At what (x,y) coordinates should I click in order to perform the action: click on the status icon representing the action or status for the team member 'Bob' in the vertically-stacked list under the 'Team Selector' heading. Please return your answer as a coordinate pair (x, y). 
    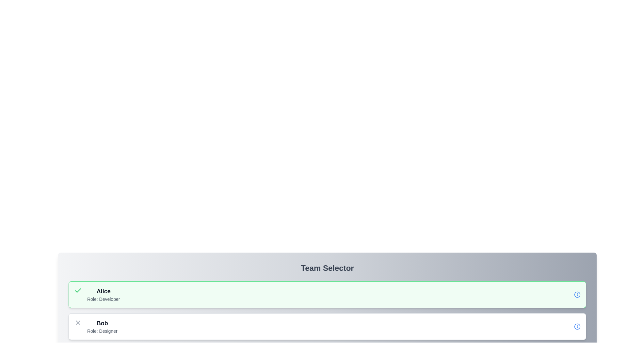
    Looking at the image, I should click on (78, 323).